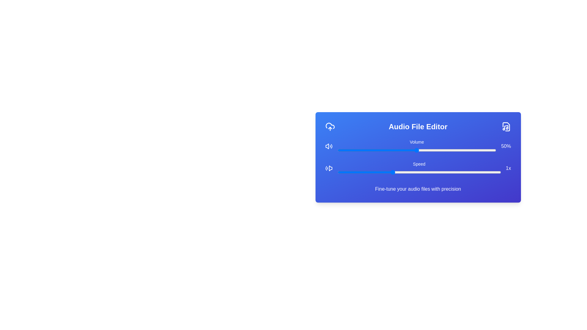 The width and height of the screenshot is (587, 330). Describe the element at coordinates (392, 172) in the screenshot. I see `the speed slider to 1 value` at that location.